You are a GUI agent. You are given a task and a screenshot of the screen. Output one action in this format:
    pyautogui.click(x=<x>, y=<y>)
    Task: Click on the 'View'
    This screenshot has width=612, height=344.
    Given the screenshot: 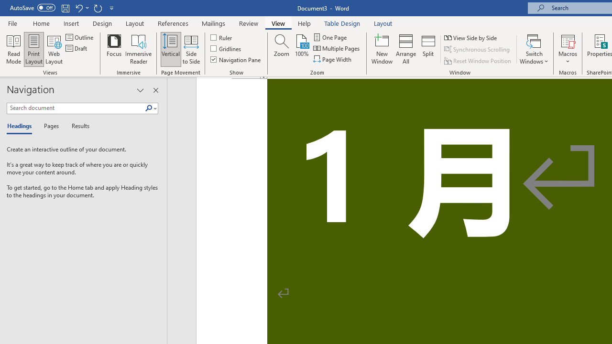 What is the action you would take?
    pyautogui.click(x=278, y=23)
    